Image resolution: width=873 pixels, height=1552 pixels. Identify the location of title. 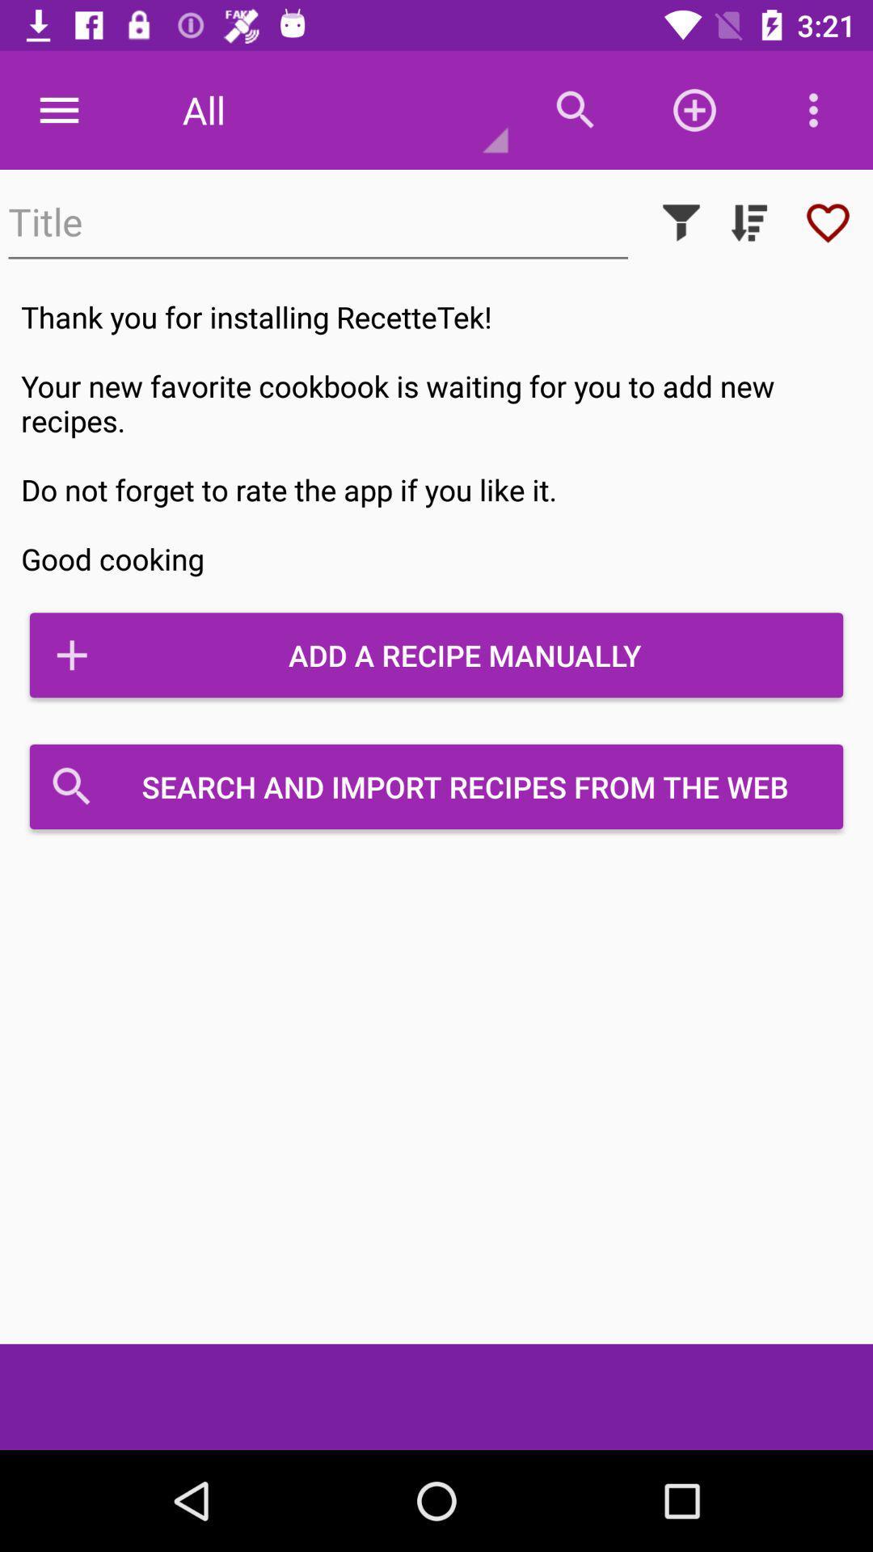
(318, 221).